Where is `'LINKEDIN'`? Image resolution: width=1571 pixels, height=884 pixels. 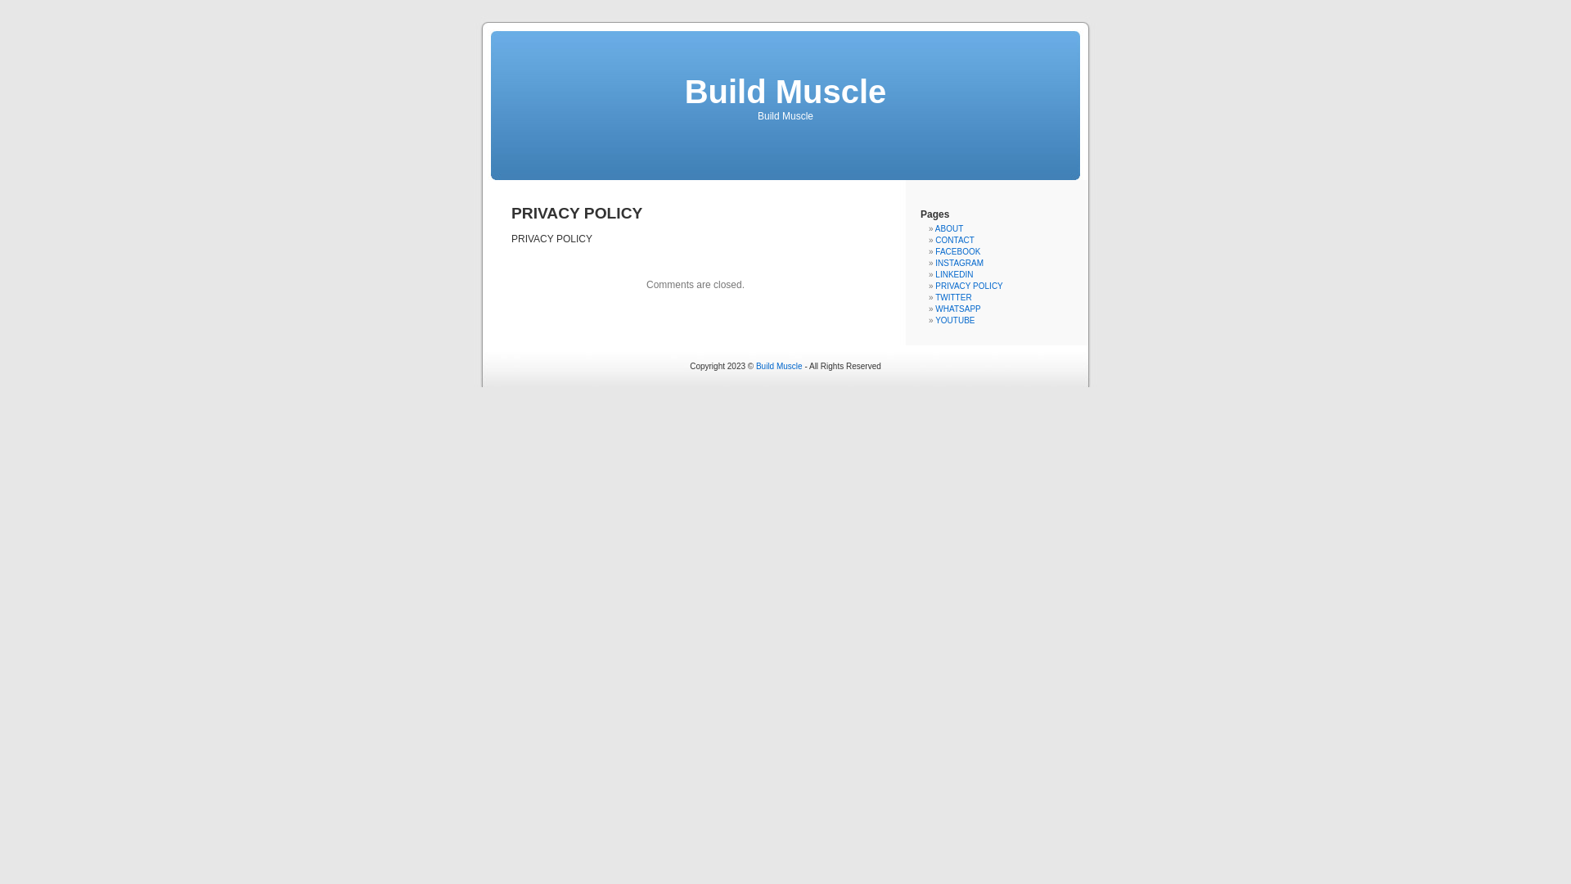 'LINKEDIN' is located at coordinates (954, 273).